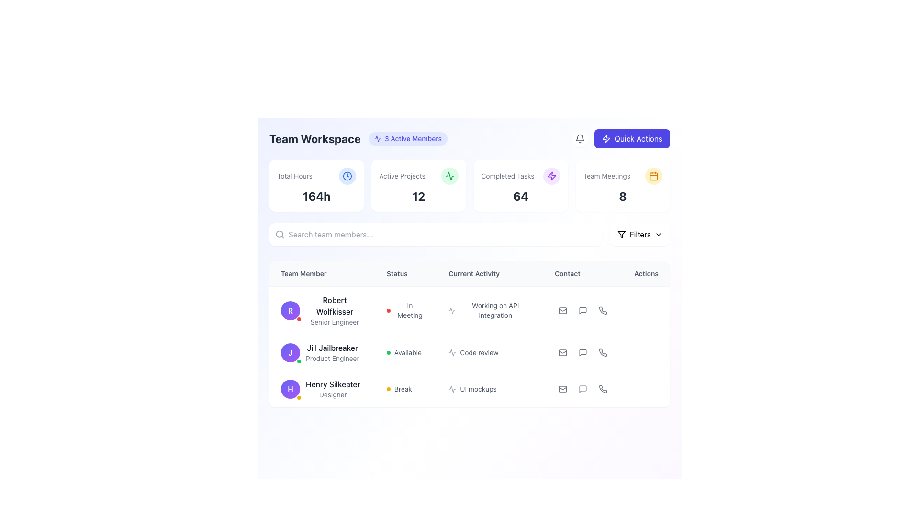 This screenshot has height=517, width=919. What do you see at coordinates (520, 195) in the screenshot?
I see `the static text component displaying the count of completed tasks, which is located below the 'Completed Tasks' label in the top-center section of the interface` at bounding box center [520, 195].